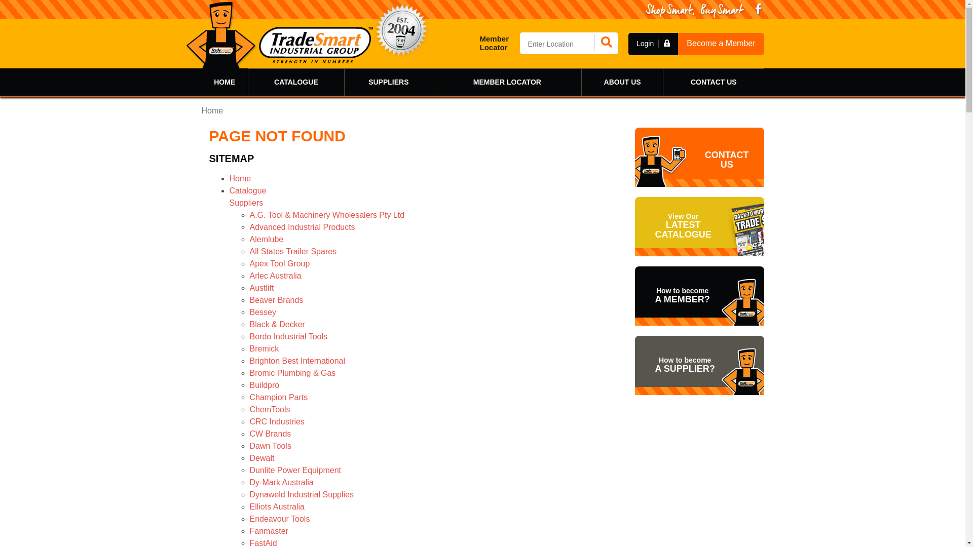 The image size is (973, 547). What do you see at coordinates (249, 360) in the screenshot?
I see `'Brighton Best International'` at bounding box center [249, 360].